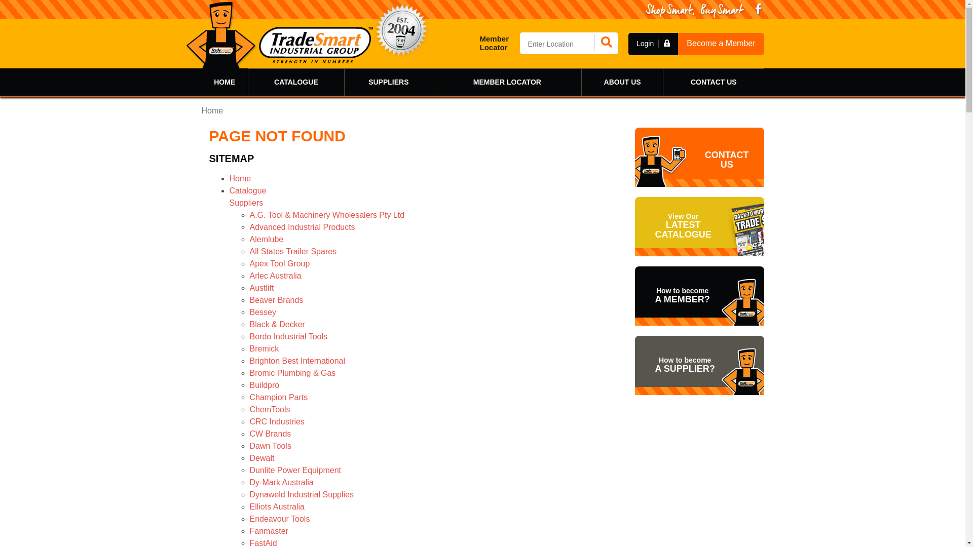 The image size is (973, 547). What do you see at coordinates (249, 360) in the screenshot?
I see `'Brighton Best International'` at bounding box center [249, 360].